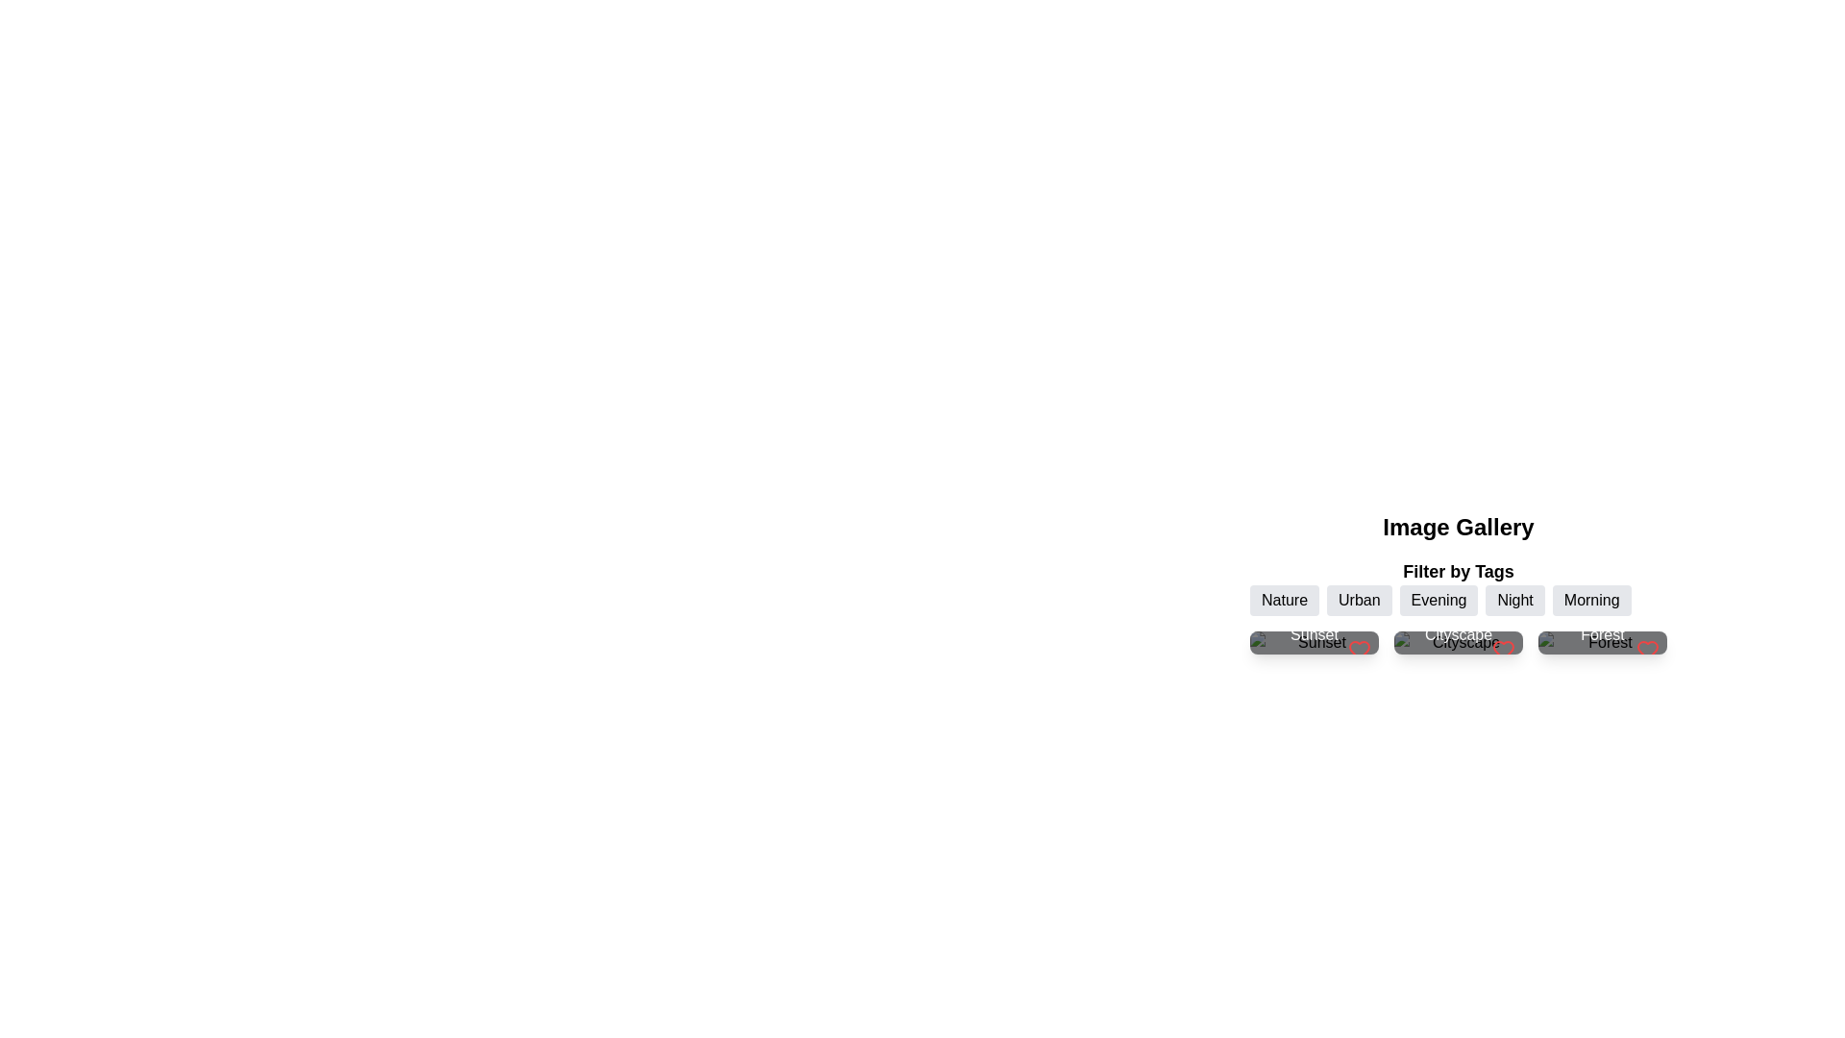  What do you see at coordinates (1603, 634) in the screenshot?
I see `the text label reading 'Forest' which is styled with a black semi-transparent background, located at the bottom-left corner of the last image card in the 'Image Gallery' section` at bounding box center [1603, 634].